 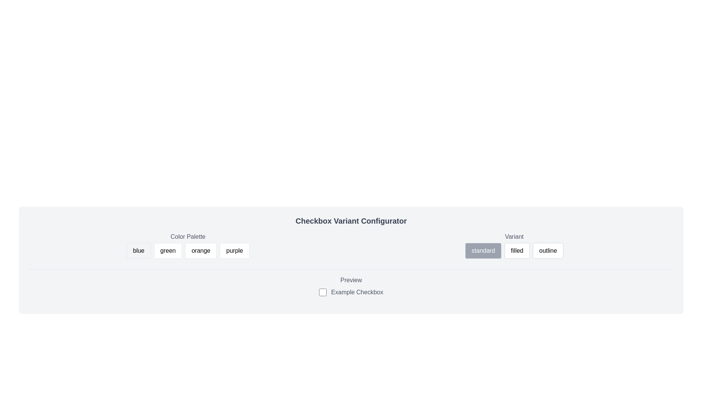 What do you see at coordinates (351, 280) in the screenshot?
I see `the static text label that displays the word 'Preview', which is positioned above the 'Example Checkbox'` at bounding box center [351, 280].